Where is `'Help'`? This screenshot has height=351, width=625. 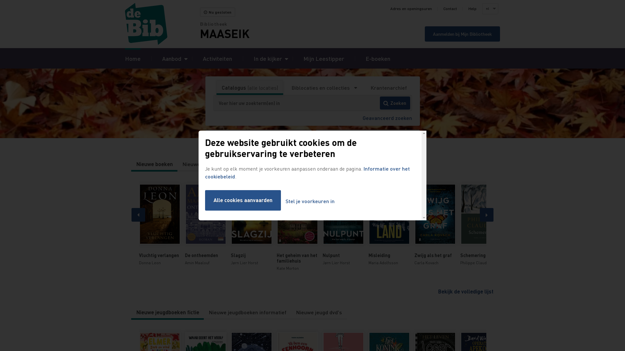
'Help' is located at coordinates (468, 9).